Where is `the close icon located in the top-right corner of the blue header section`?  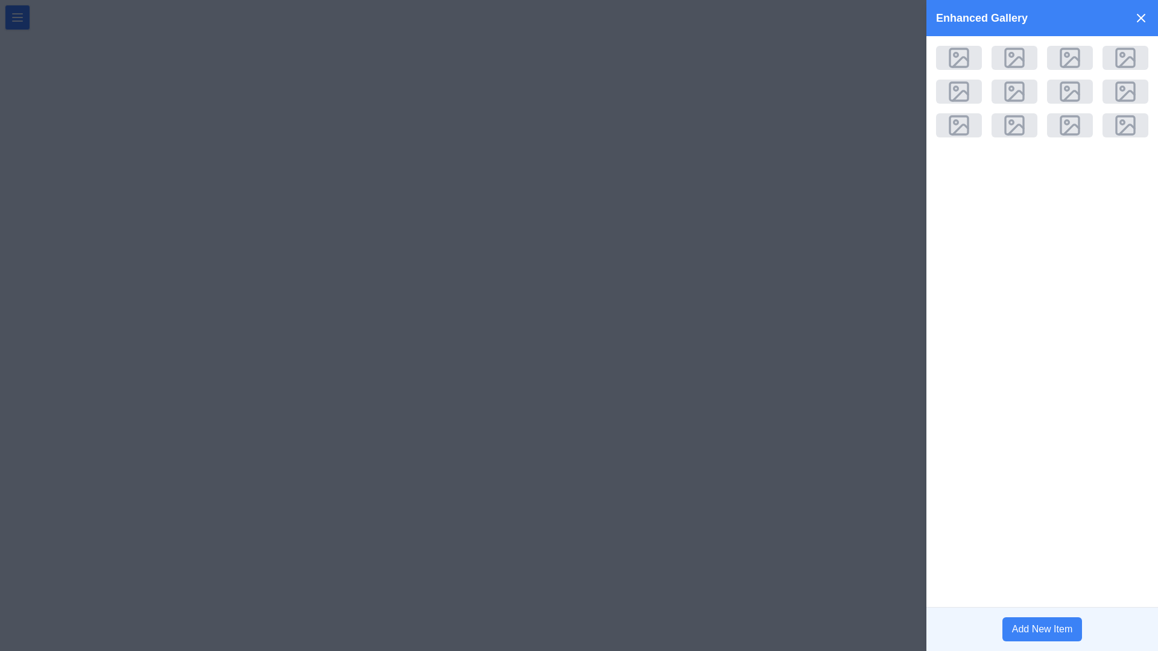 the close icon located in the top-right corner of the blue header section is located at coordinates (1140, 18).